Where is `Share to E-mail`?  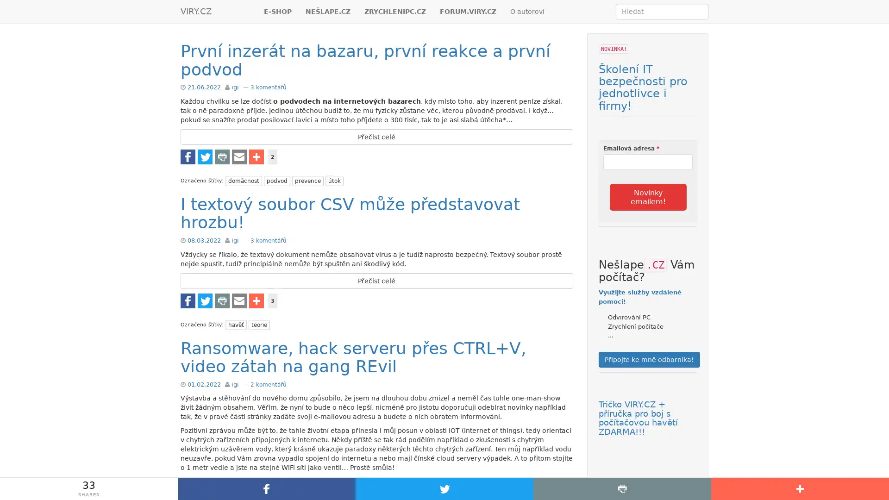 Share to E-mail is located at coordinates (239, 156).